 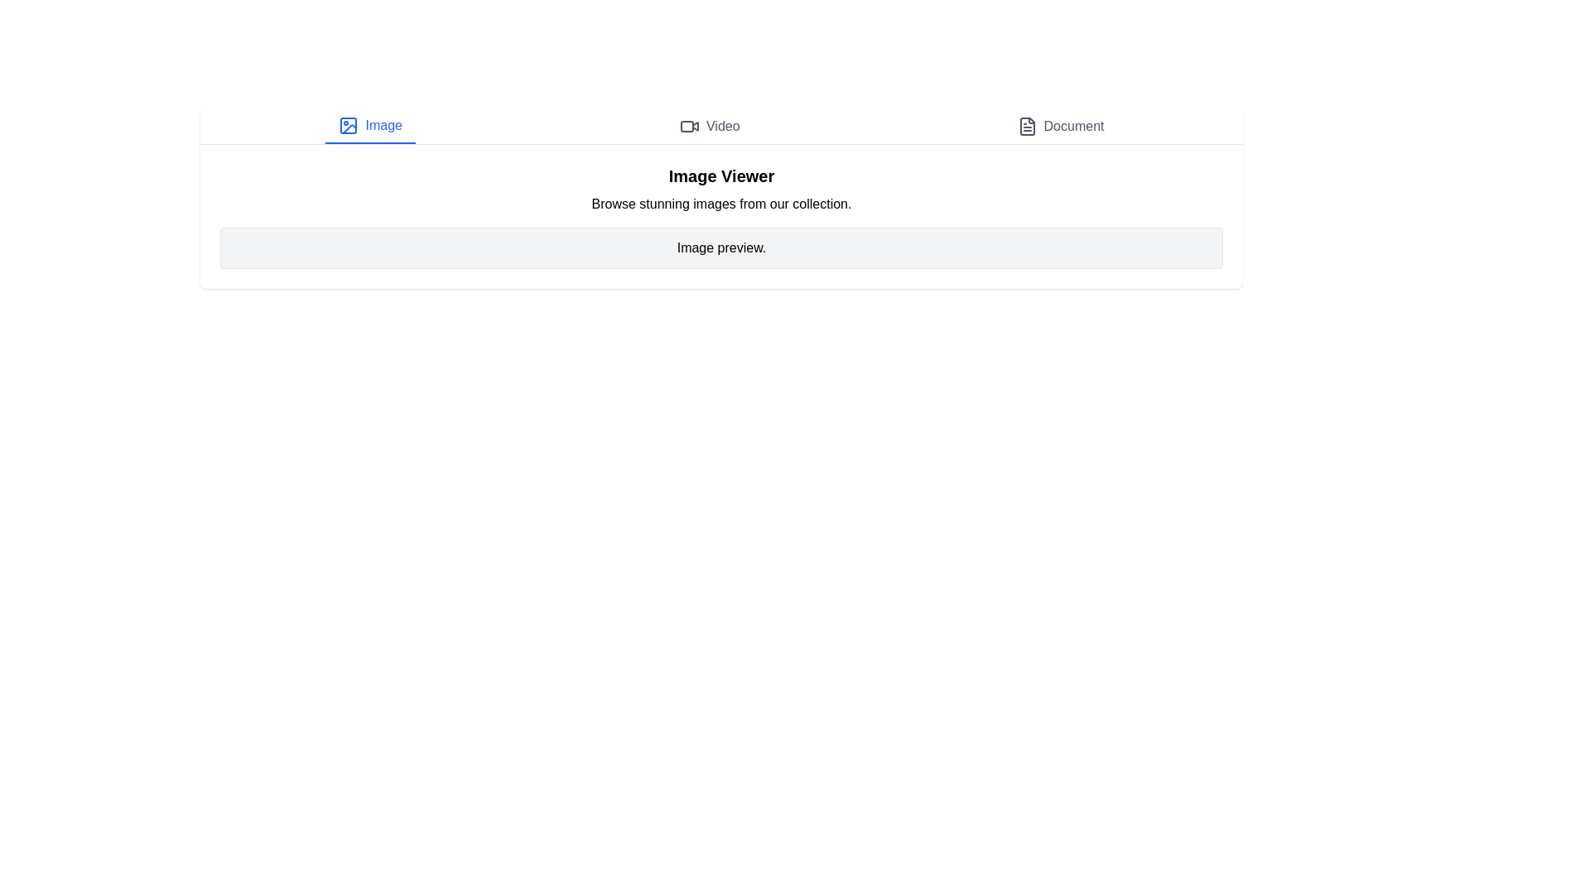 I want to click on the Image tab by clicking on it, so click(x=369, y=126).